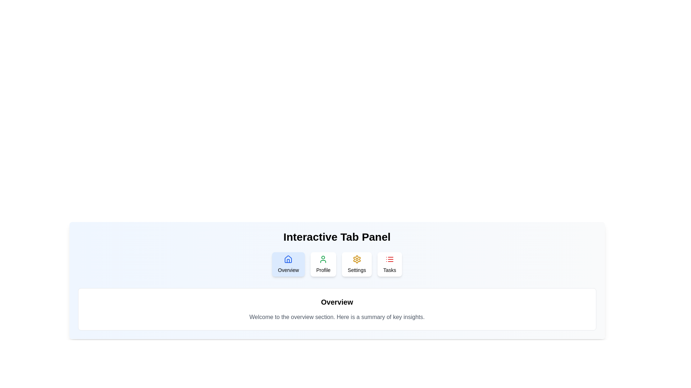  Describe the element at coordinates (357, 264) in the screenshot. I see `the Settings tab to view its content` at that location.